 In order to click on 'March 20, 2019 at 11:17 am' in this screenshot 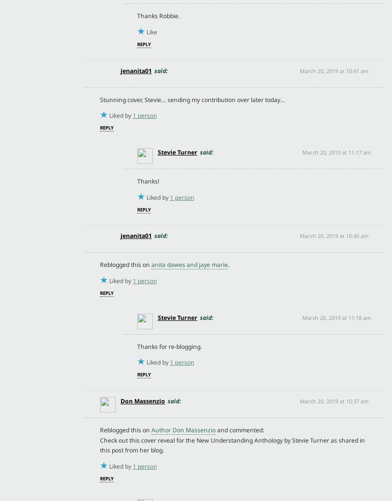, I will do `click(336, 152)`.